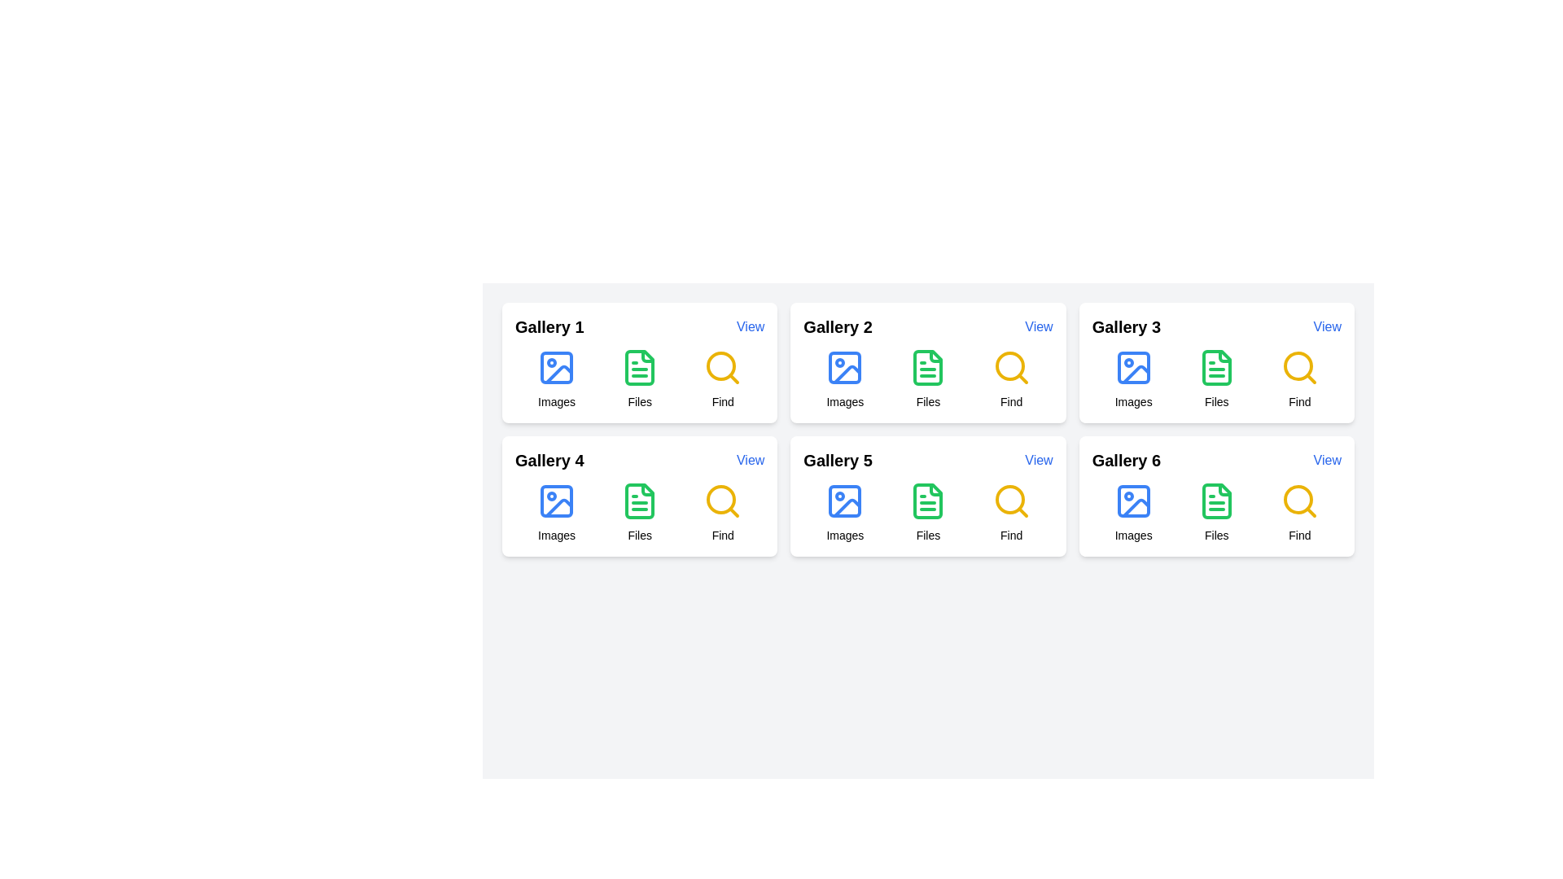  What do you see at coordinates (720, 498) in the screenshot?
I see `the yellow circular icon in the 'Gallery 4' section, located in the bottom row, second column of icons, which is adjacent to a green document-shaped icon` at bounding box center [720, 498].